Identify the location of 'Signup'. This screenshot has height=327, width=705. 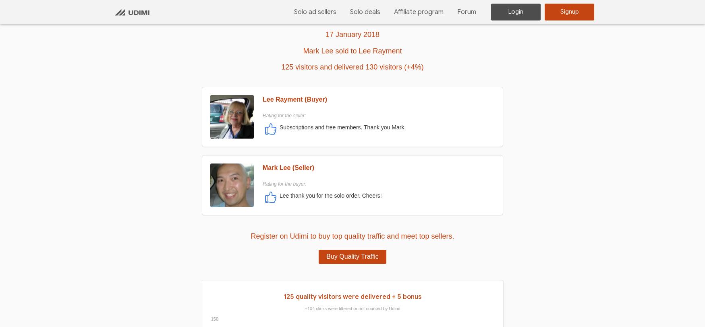
(568, 11).